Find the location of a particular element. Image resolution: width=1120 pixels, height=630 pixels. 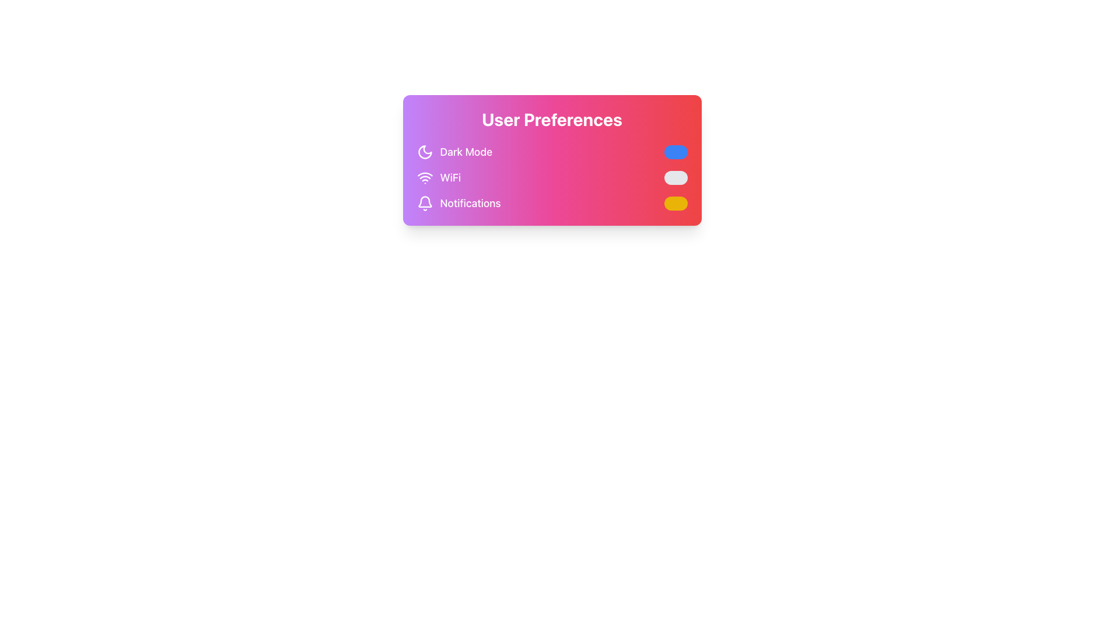

the crescent moon icon representing Dark Mode in the user preferences menu, which is positioned to the left of the 'Dark Mode' label is located at coordinates (424, 152).